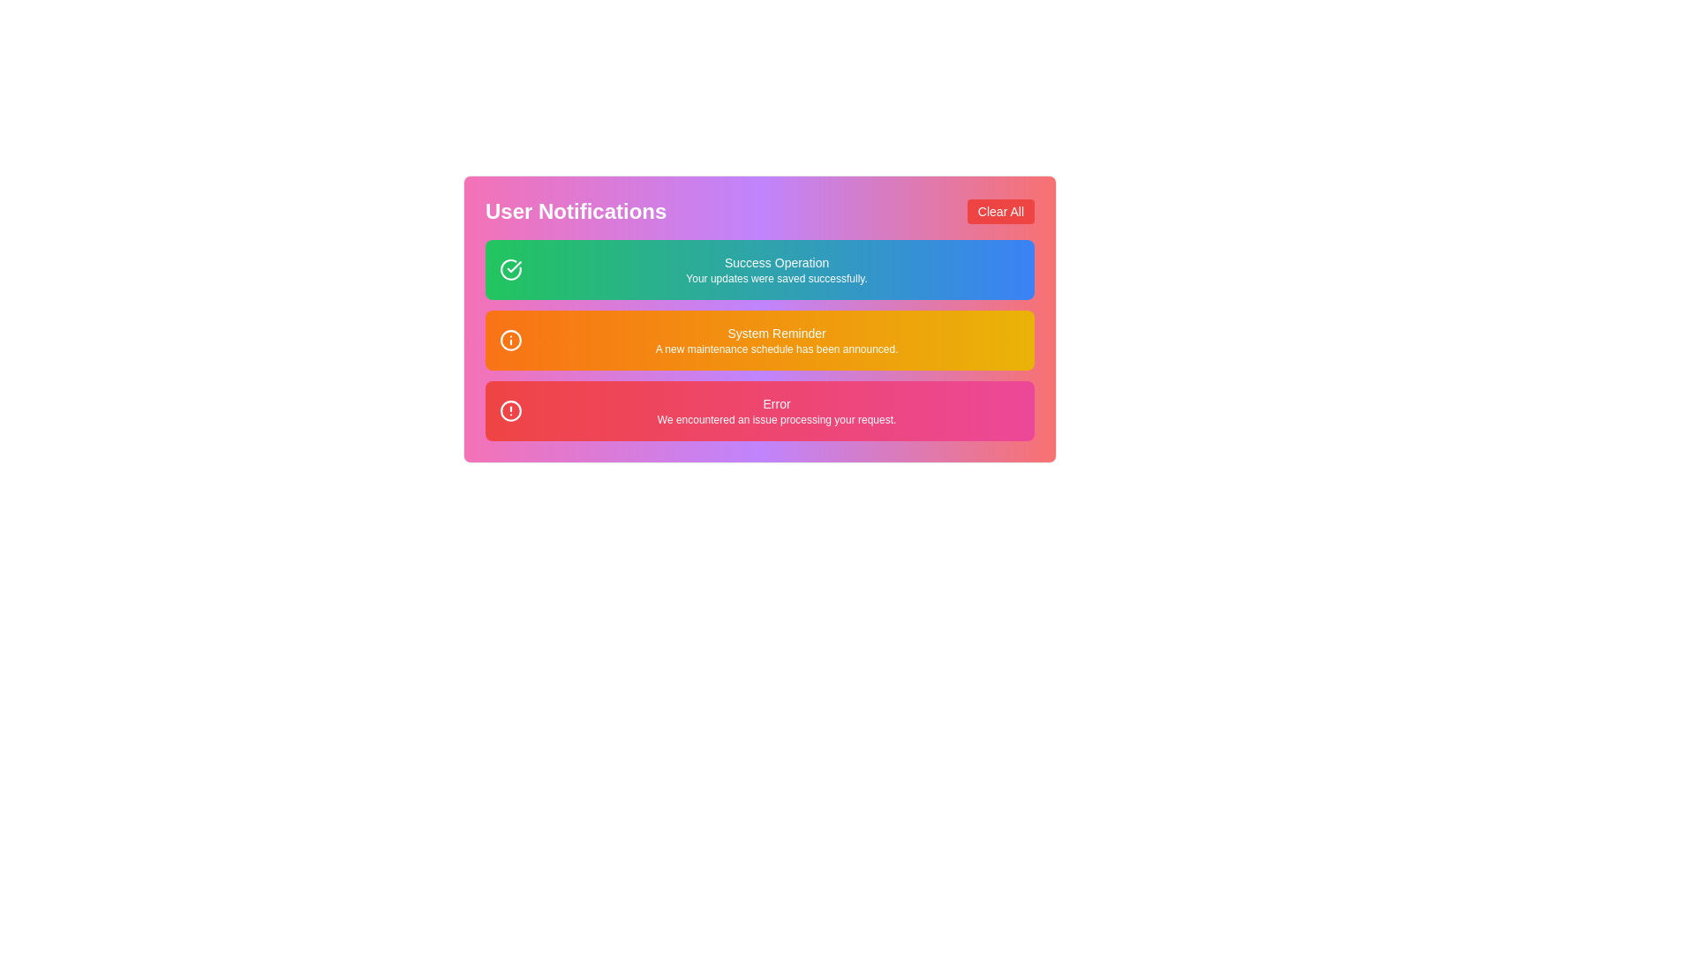 This screenshot has width=1695, height=953. Describe the element at coordinates (777, 334) in the screenshot. I see `the text label that provides the title of the second notification entry in the list of user notifications` at that location.